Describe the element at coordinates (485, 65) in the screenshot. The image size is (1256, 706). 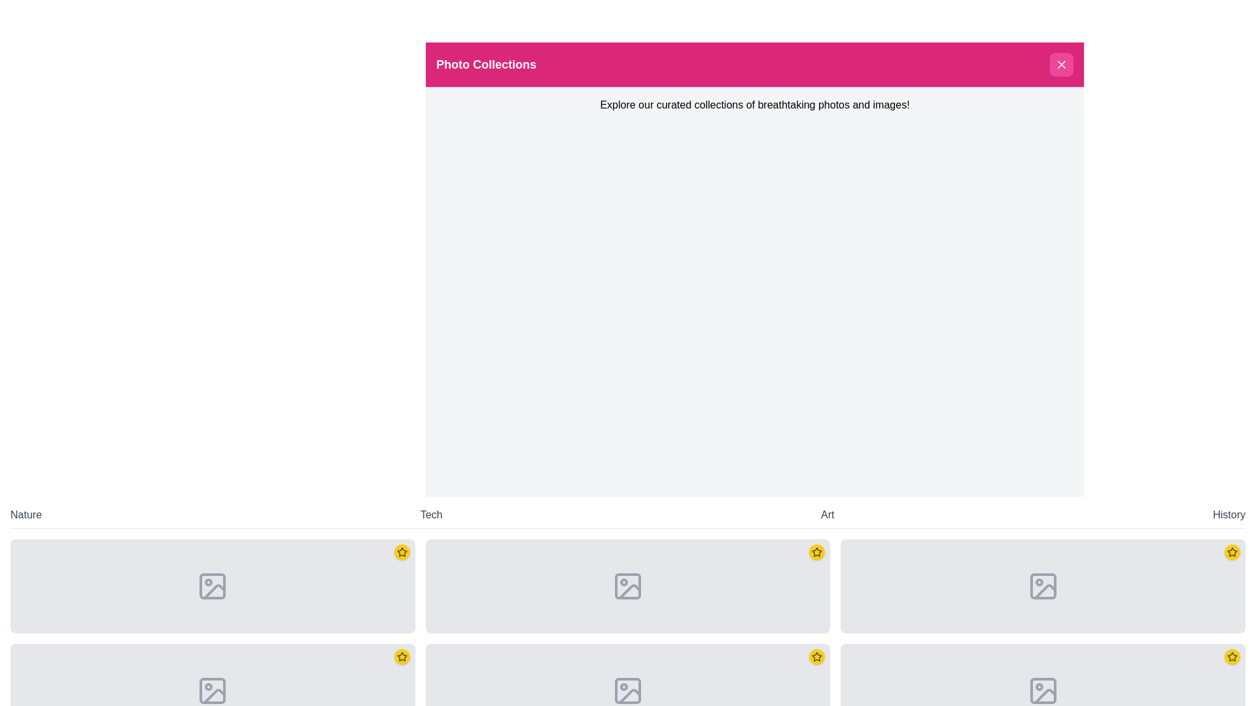
I see `the text label element displaying 'Photo Collections', which is styled as a header with bold white text on a pink background, located at the top left of the interface` at that location.